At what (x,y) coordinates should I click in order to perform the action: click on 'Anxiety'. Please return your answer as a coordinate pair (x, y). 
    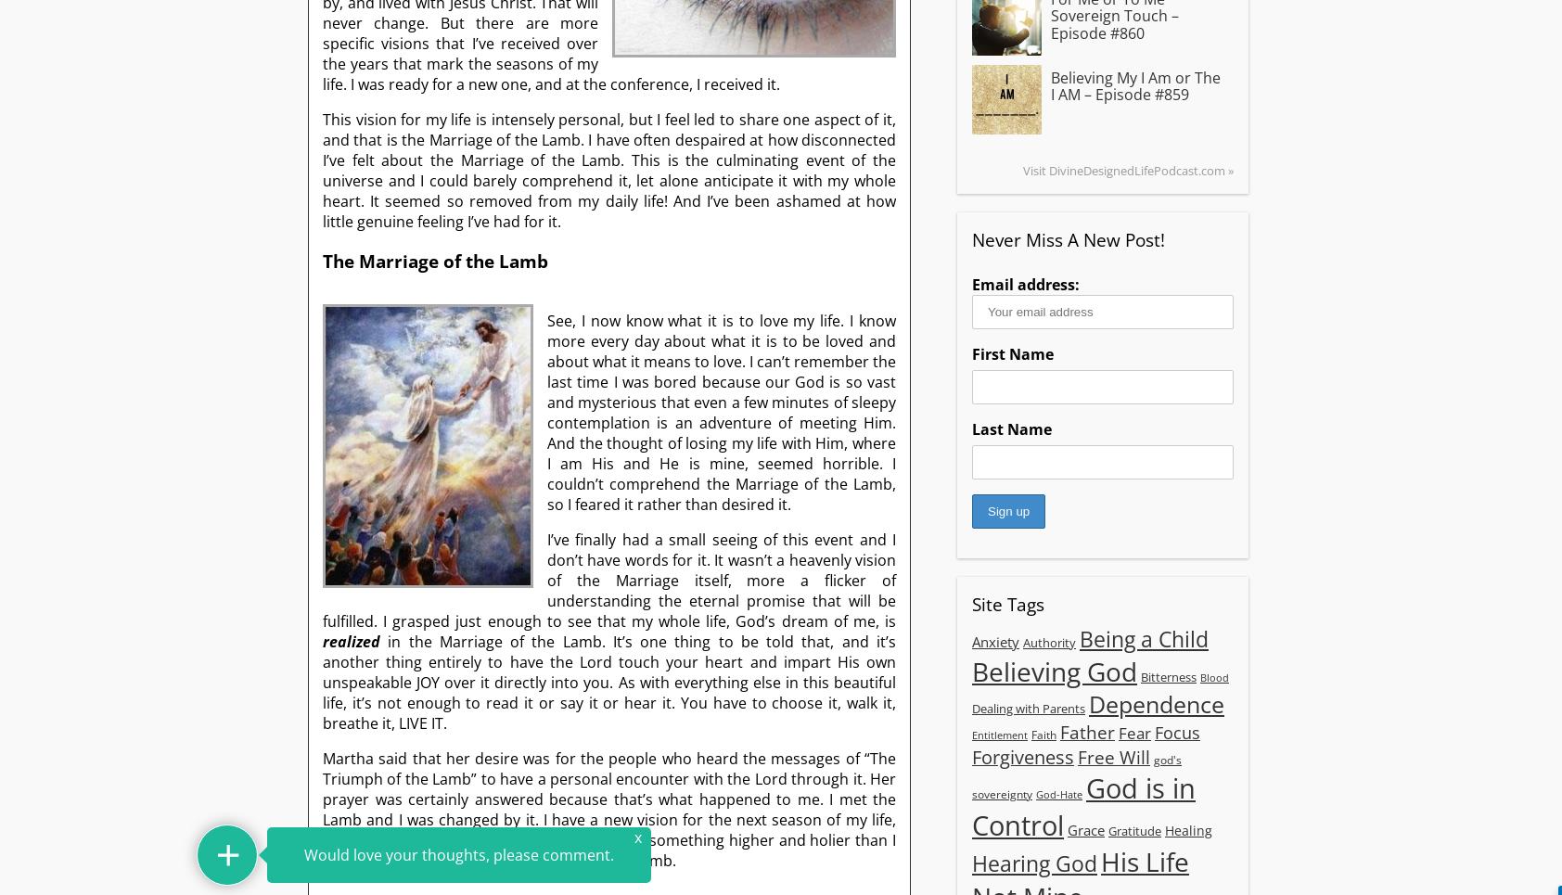
    Looking at the image, I should click on (995, 640).